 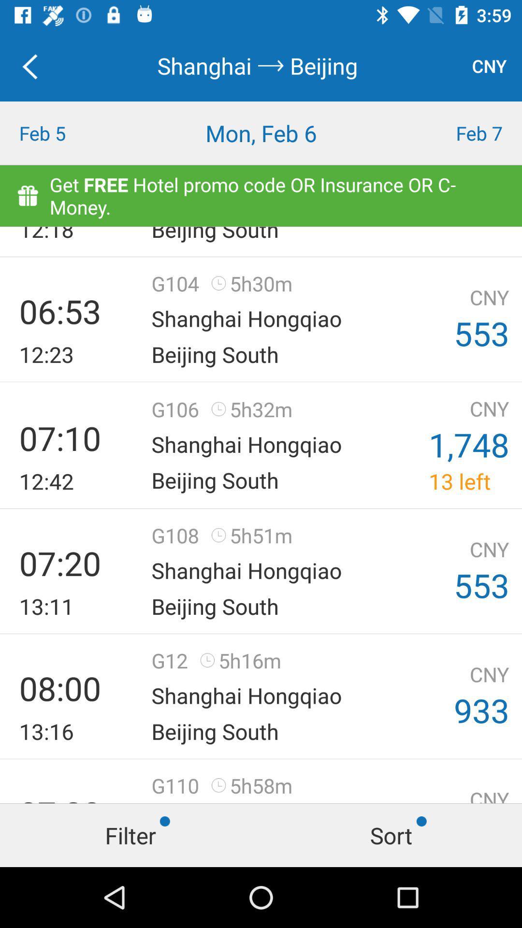 What do you see at coordinates (261, 132) in the screenshot?
I see `icon to the right of feb 5` at bounding box center [261, 132].